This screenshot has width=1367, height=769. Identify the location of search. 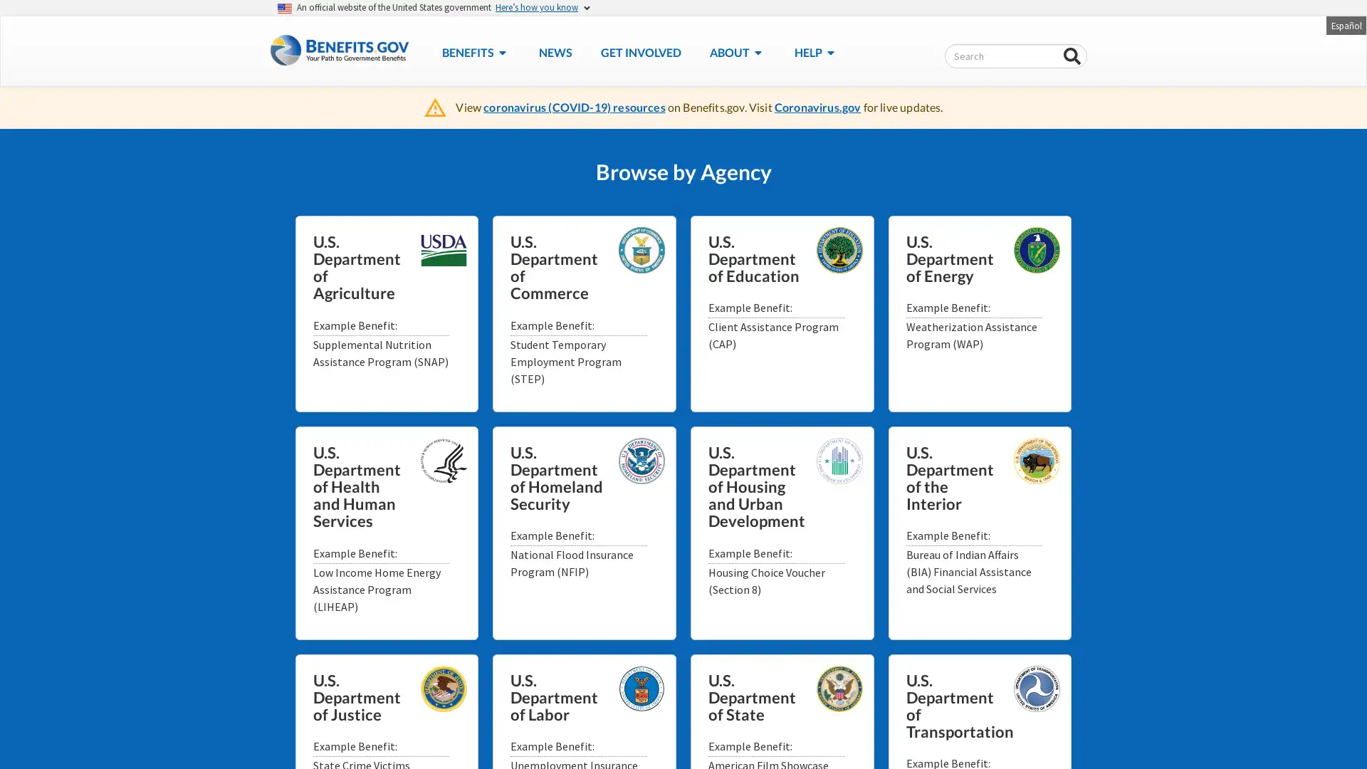
(1072, 56).